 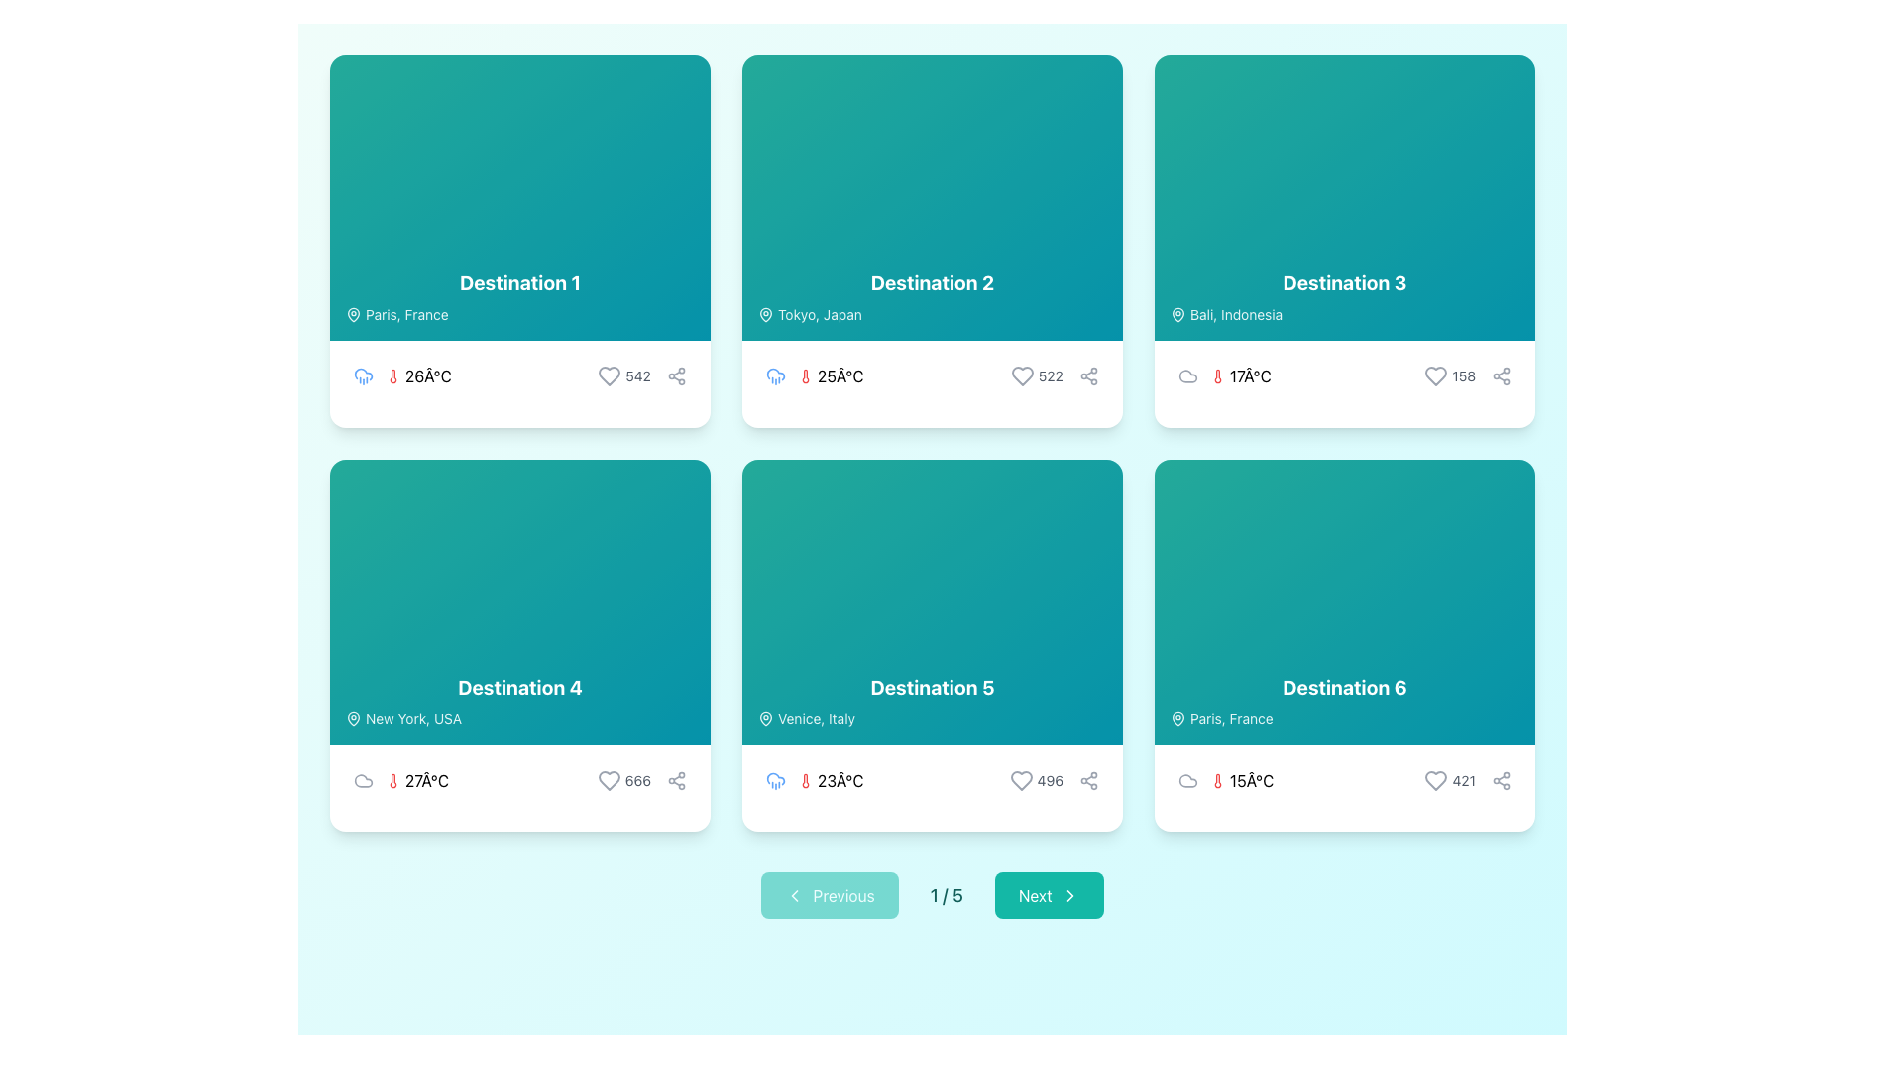 What do you see at coordinates (676, 779) in the screenshot?
I see `the Share button located in the bottom-right corner of the card for 'Destination 4' to share the card content` at bounding box center [676, 779].